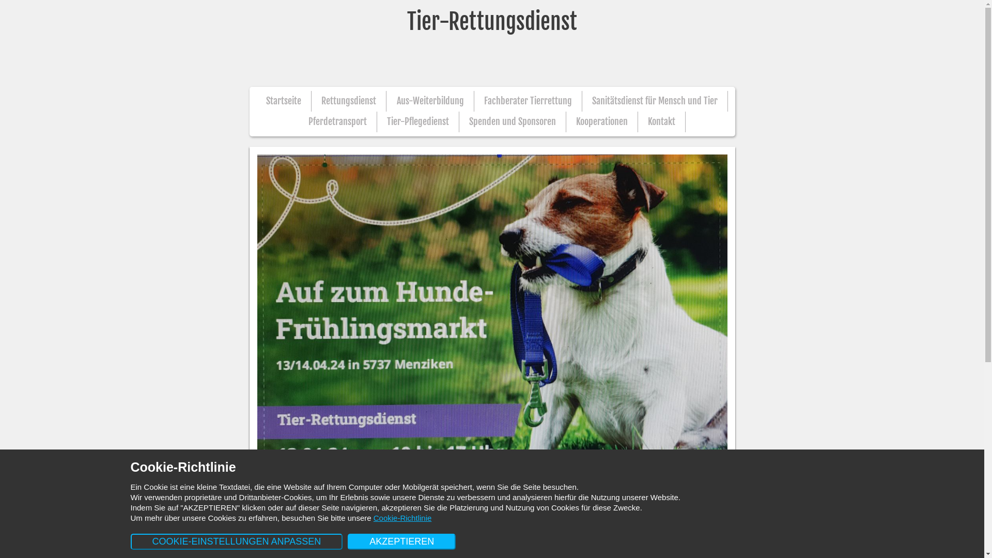 Image resolution: width=992 pixels, height=558 pixels. Describe the element at coordinates (513, 121) in the screenshot. I see `'Spenden und Sponsoren'` at that location.